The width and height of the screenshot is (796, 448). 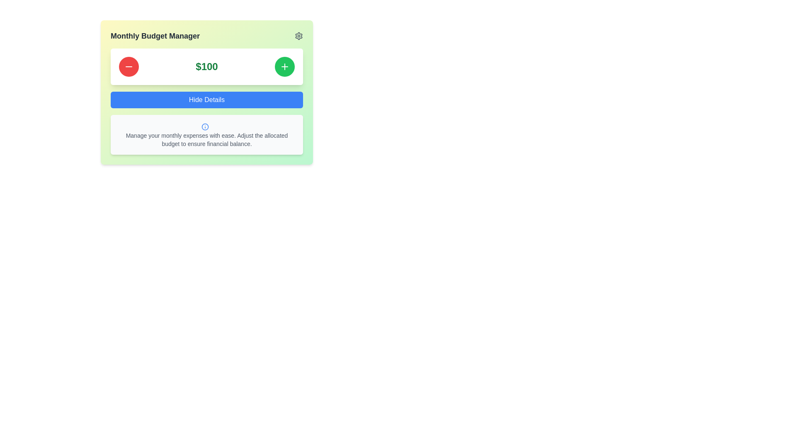 What do you see at coordinates (284, 66) in the screenshot?
I see `the green circular button with a white plus icon located on the right side of the top section, adjacent to the figure '$100'` at bounding box center [284, 66].